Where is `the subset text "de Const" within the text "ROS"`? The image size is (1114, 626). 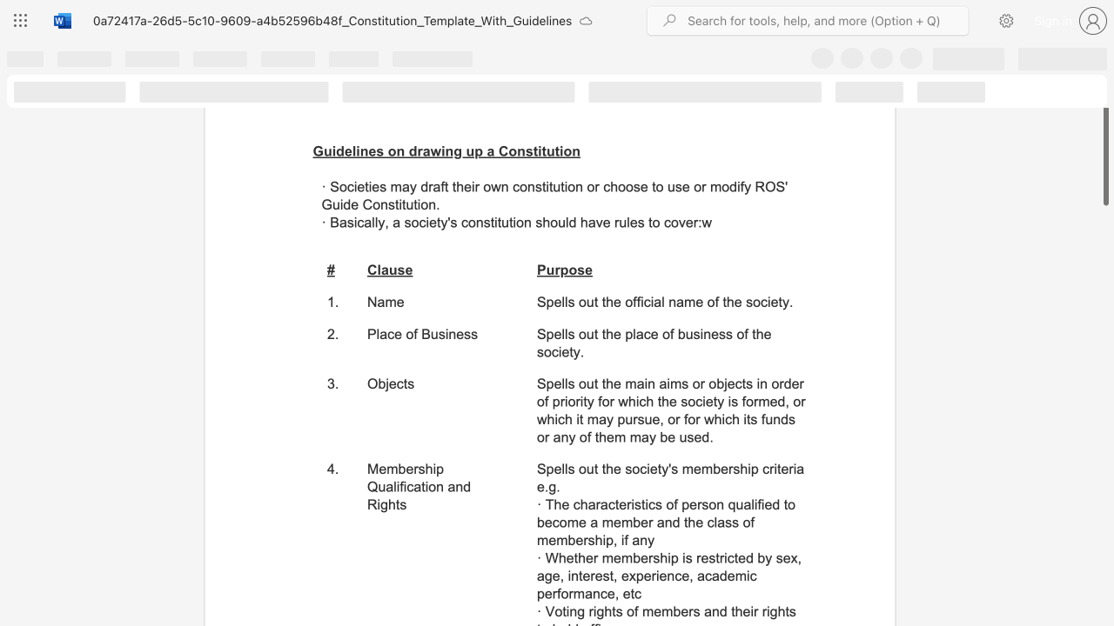 the subset text "de Const" within the text "ROS" is located at coordinates (343, 203).